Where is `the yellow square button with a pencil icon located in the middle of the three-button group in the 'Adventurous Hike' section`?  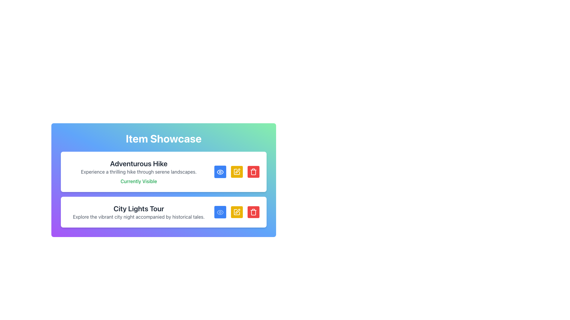
the yellow square button with a pencil icon located in the middle of the three-button group in the 'Adventurous Hike' section is located at coordinates (236, 172).